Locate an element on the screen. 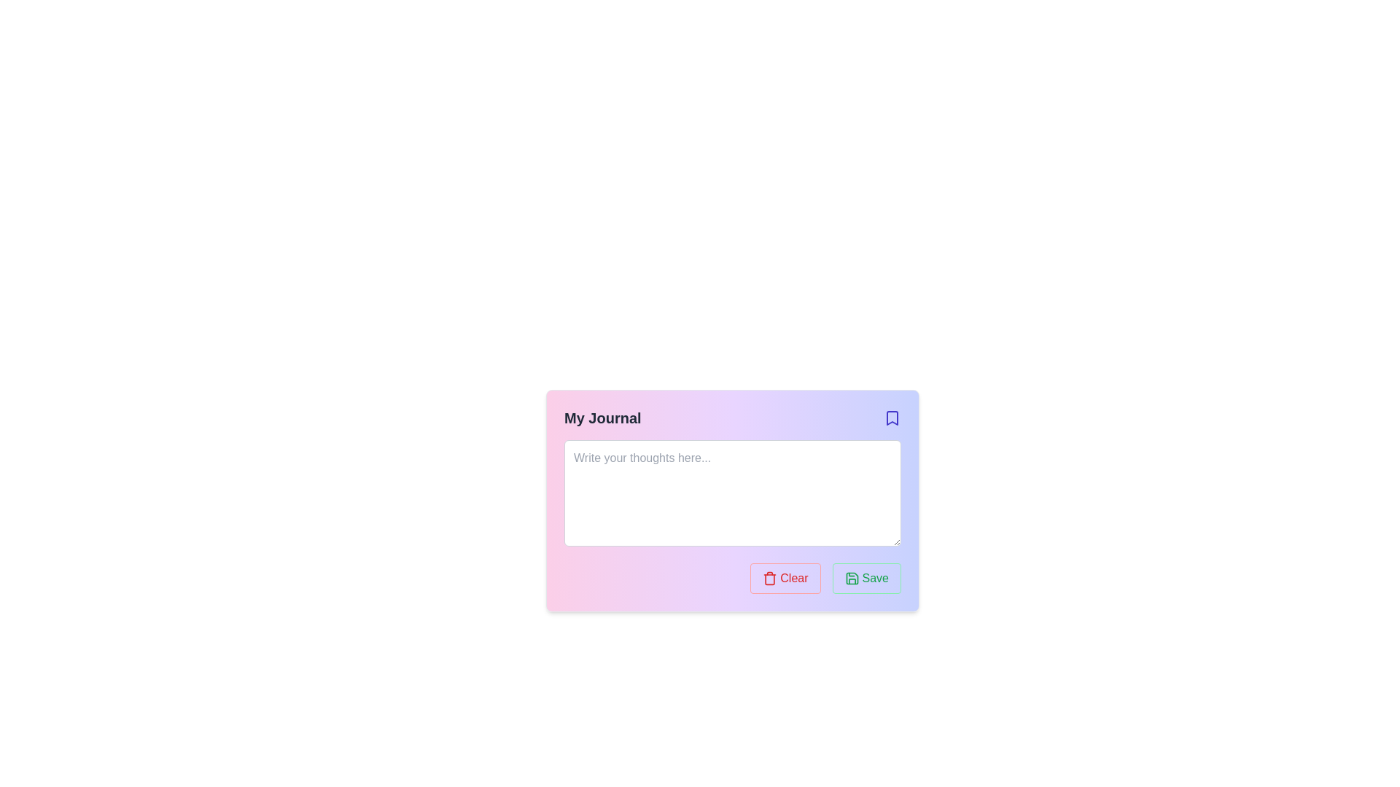  the red trash bin icon representing the delete function, located to the left of the 'Clear' text below the 'Write your thoughts here...' input field is located at coordinates (769, 578).